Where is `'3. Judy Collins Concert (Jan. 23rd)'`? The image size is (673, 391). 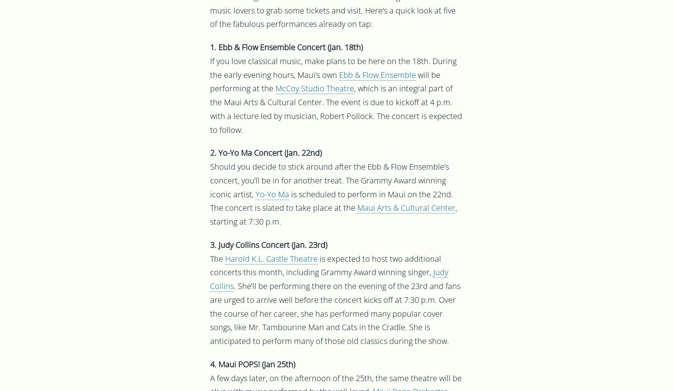 '3. Judy Collins Concert (Jan. 23rd)' is located at coordinates (210, 246).